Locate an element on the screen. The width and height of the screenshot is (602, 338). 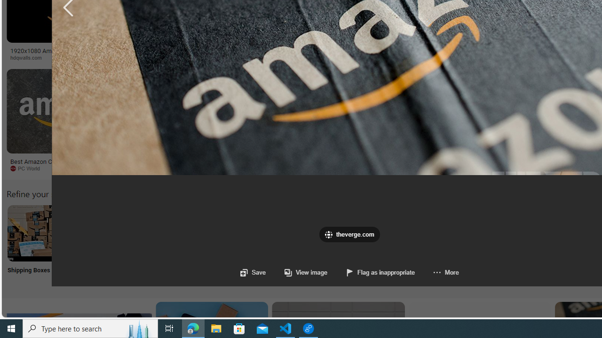
'Clip Art' is located at coordinates (159, 245).